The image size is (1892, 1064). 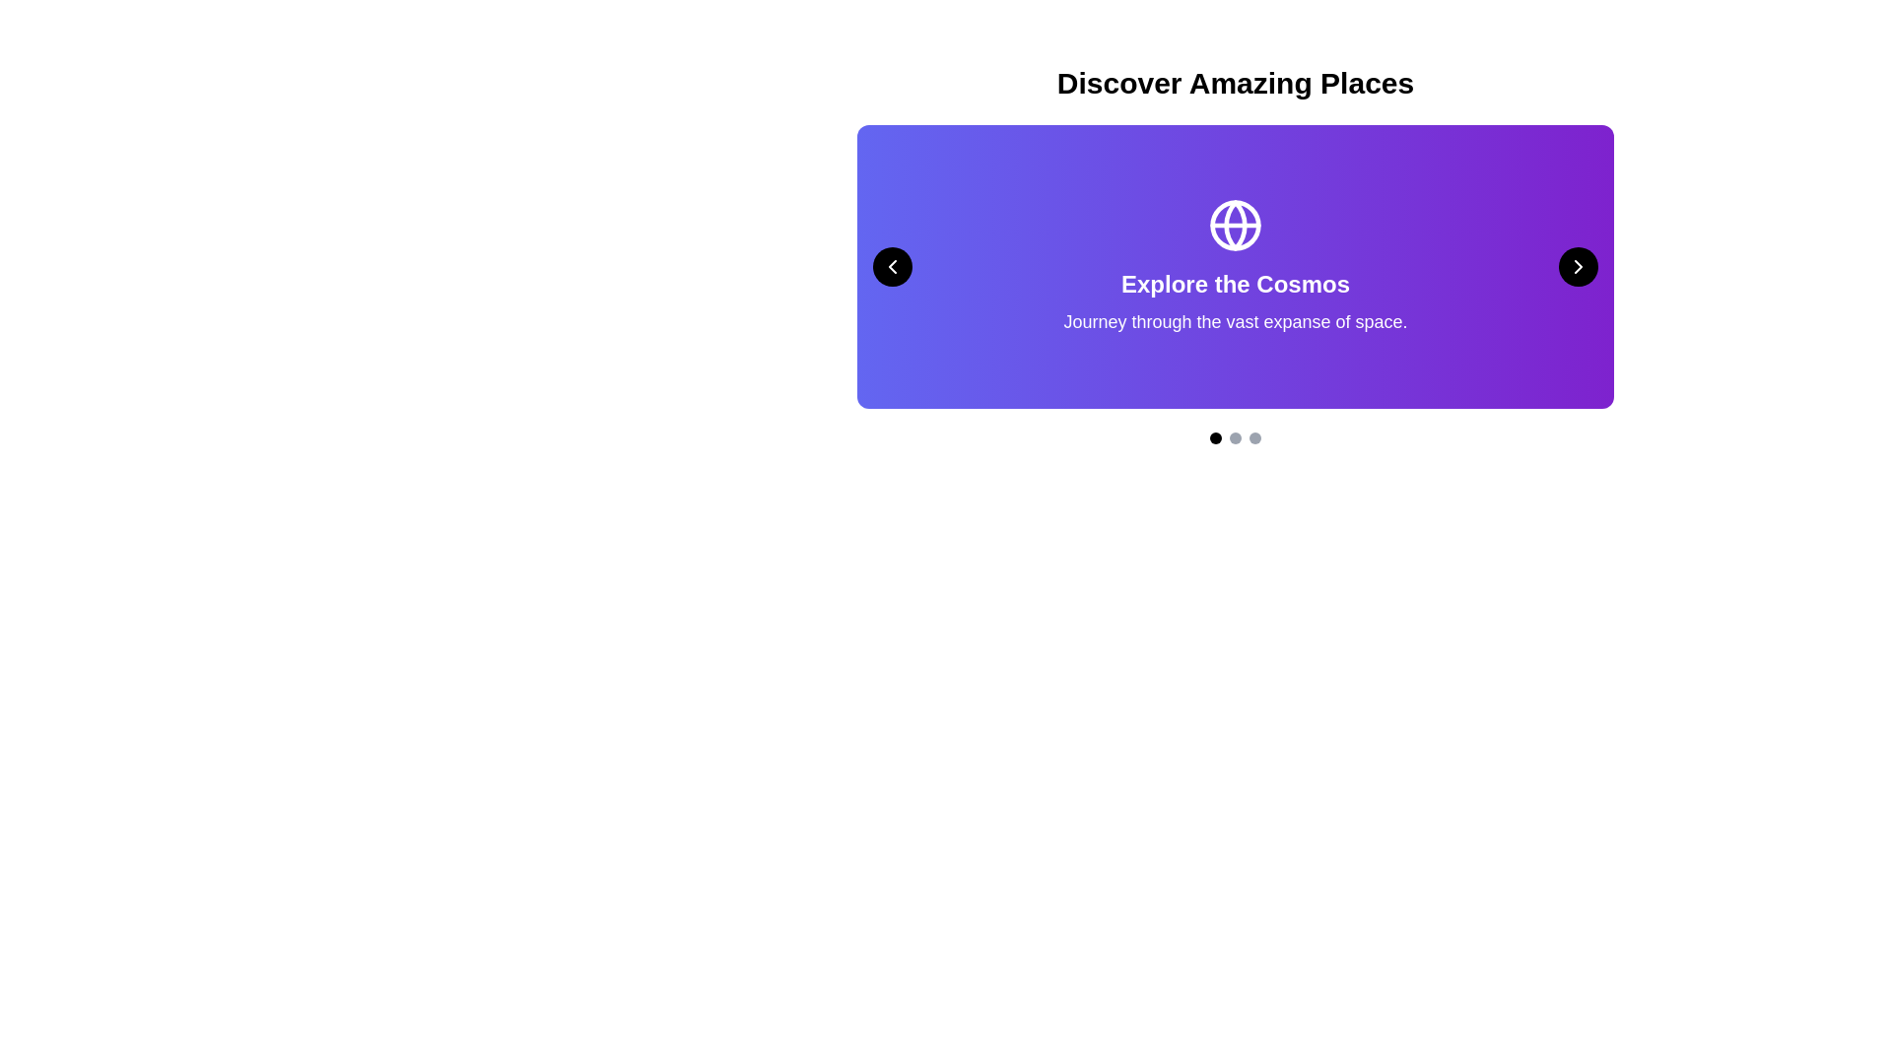 What do you see at coordinates (1234, 285) in the screenshot?
I see `the text display component styled as a heading that reads 'Explore the Cosmos', centrally located beneath a globe icon` at bounding box center [1234, 285].